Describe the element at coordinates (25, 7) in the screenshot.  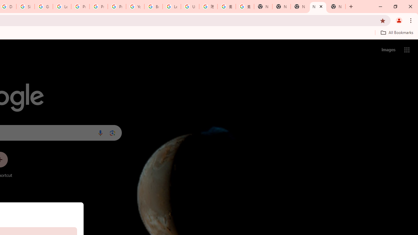
I see `'Sign in - Google Accounts'` at that location.